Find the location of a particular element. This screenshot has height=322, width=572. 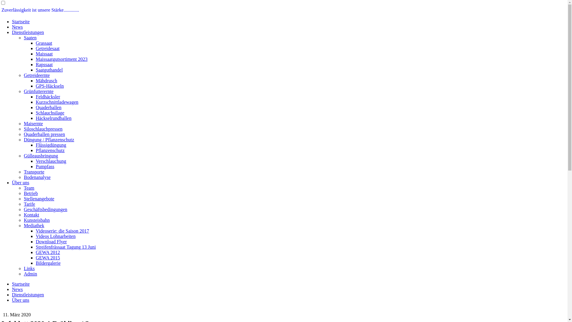

'Maissaat' is located at coordinates (35, 54).